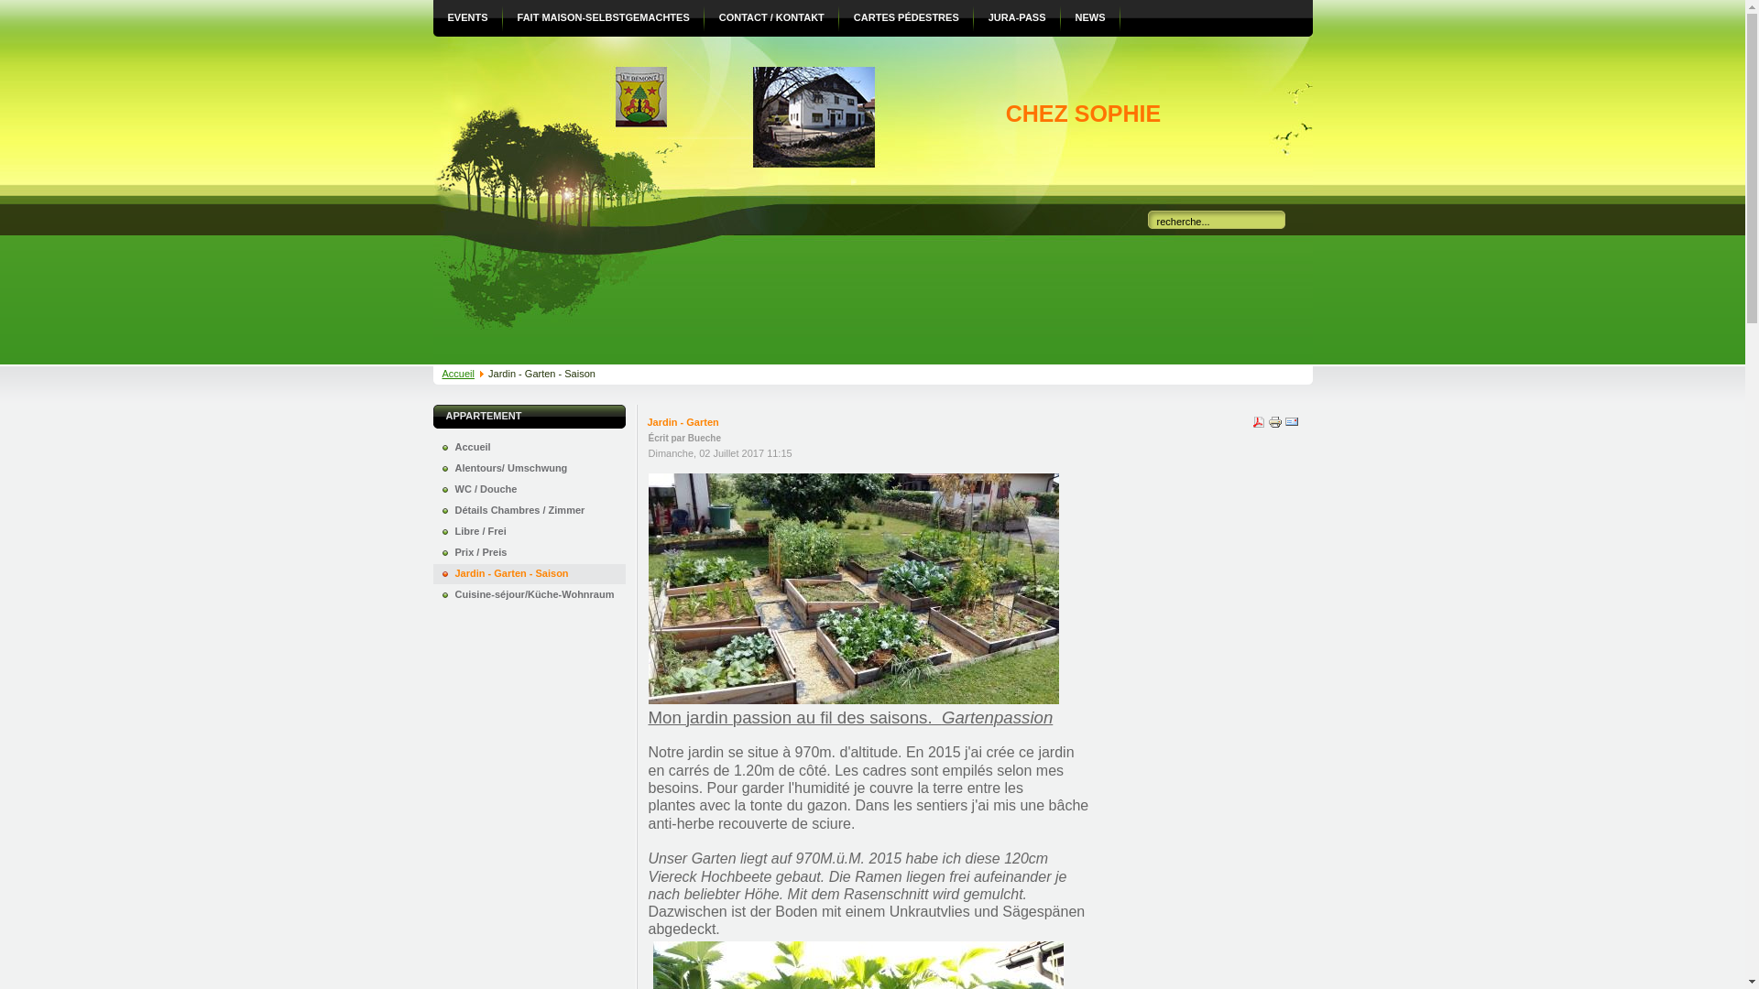 The width and height of the screenshot is (1759, 989). Describe the element at coordinates (1291, 426) in the screenshot. I see `'Envoyer'` at that location.